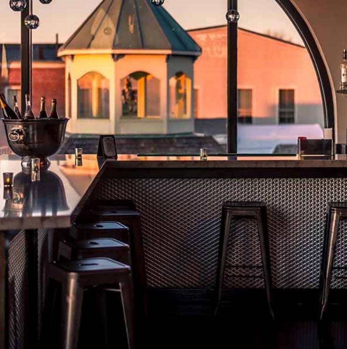 This screenshot has width=347, height=349. Describe the element at coordinates (235, 3) in the screenshot. I see `'help@thepelham.com'` at that location.